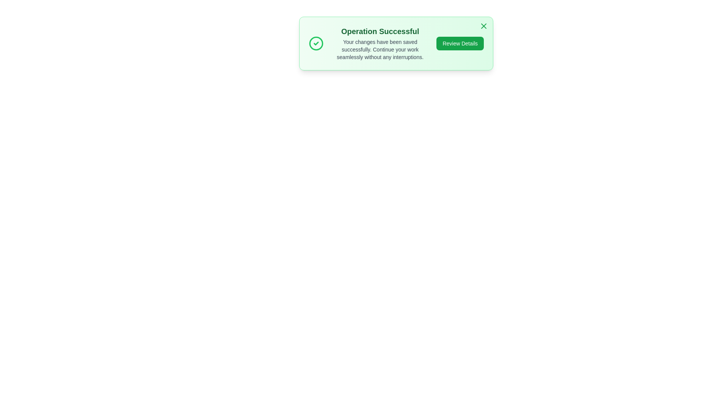 The width and height of the screenshot is (728, 409). Describe the element at coordinates (483, 26) in the screenshot. I see `the dismiss button to close the alert` at that location.